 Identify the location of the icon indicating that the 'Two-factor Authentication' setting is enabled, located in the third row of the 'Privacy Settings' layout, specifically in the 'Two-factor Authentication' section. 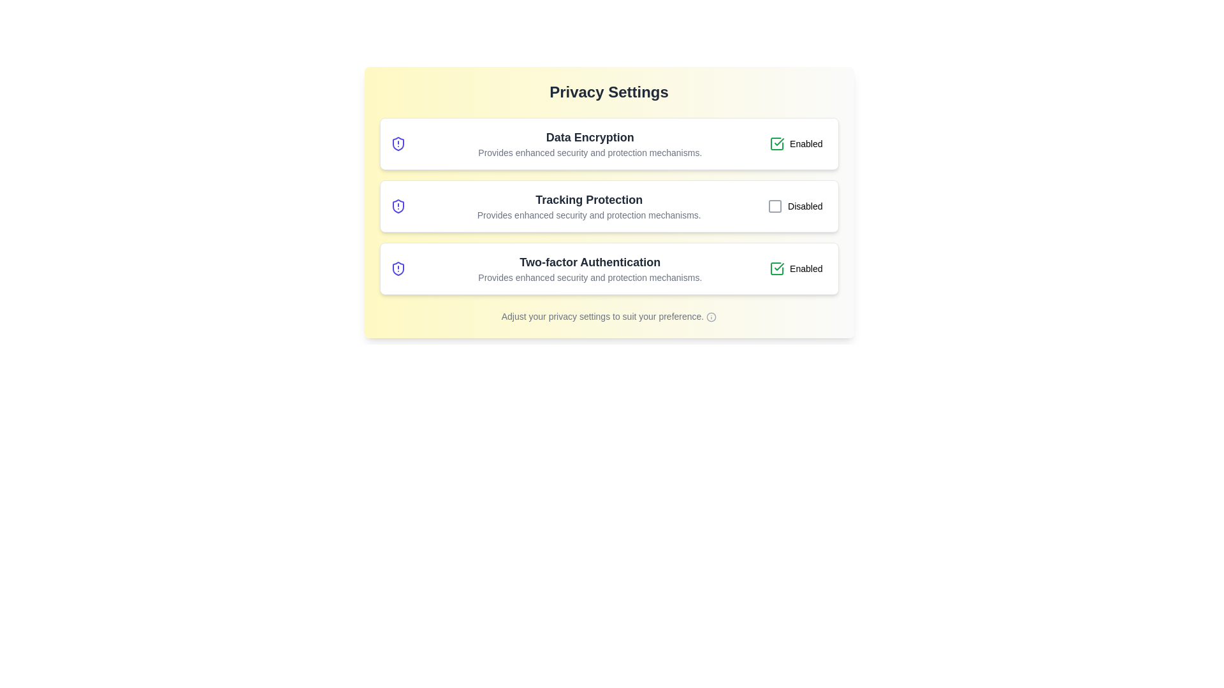
(778, 266).